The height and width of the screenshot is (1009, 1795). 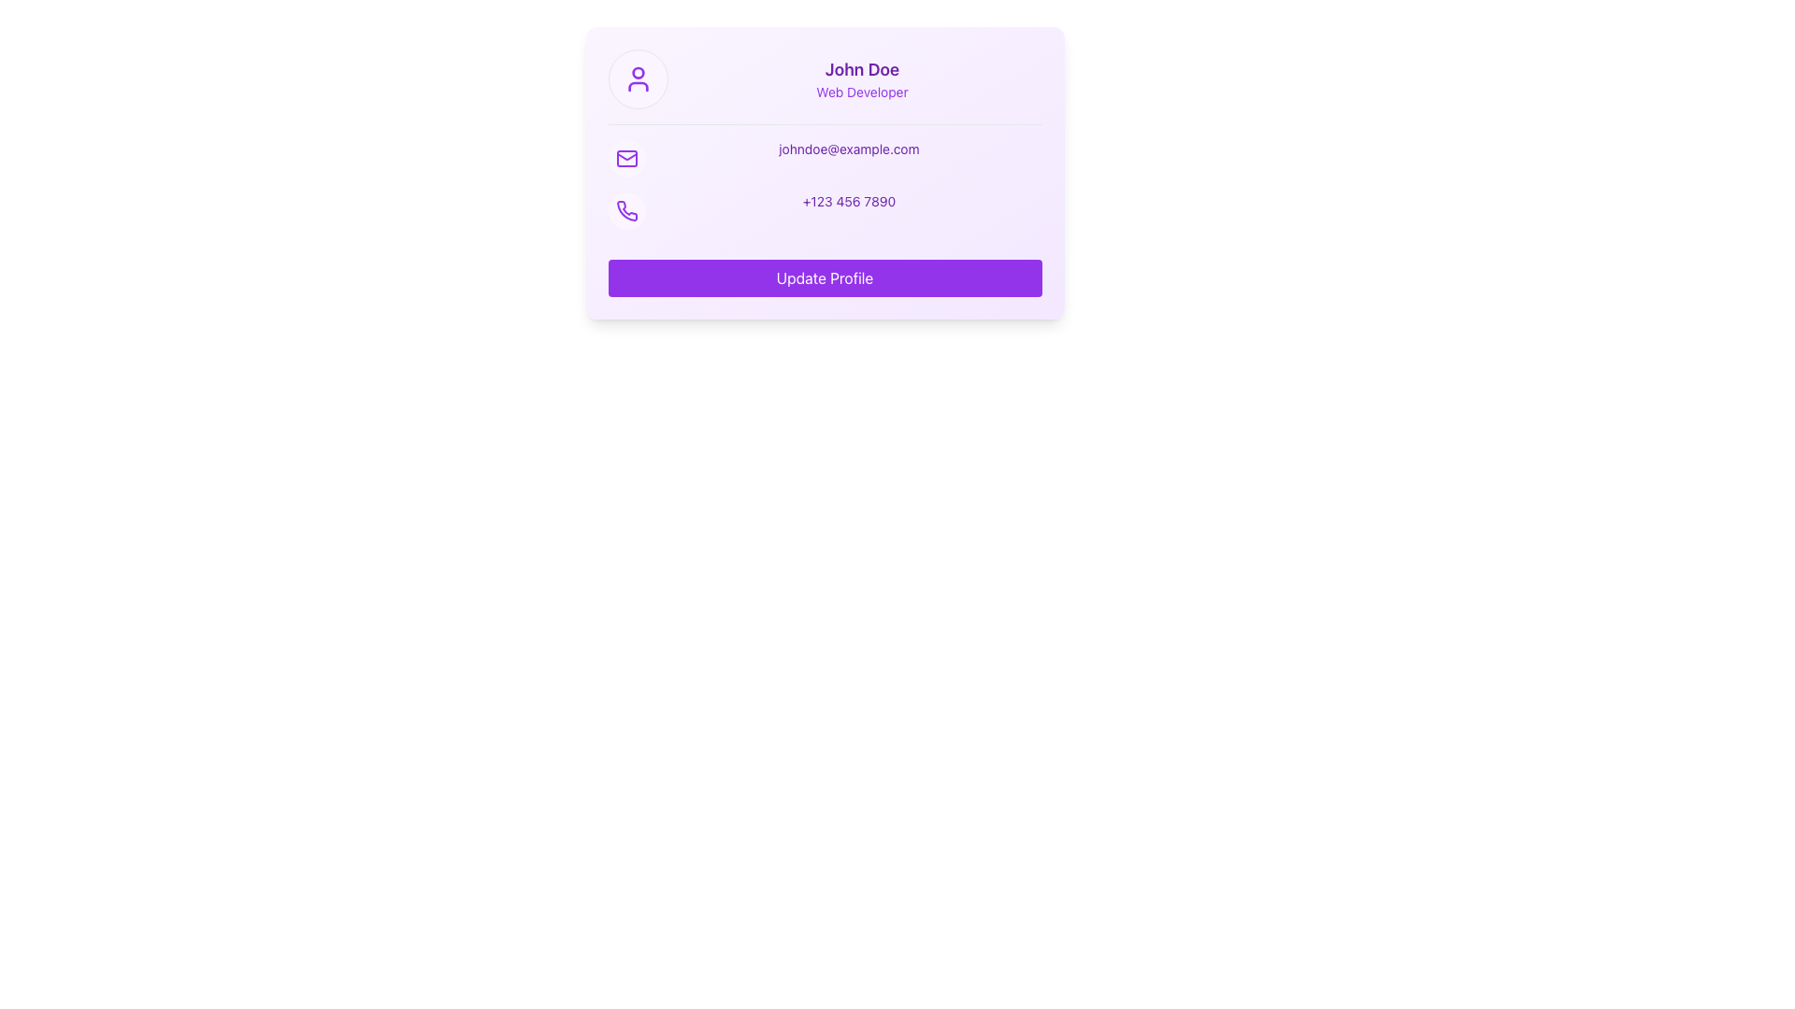 I want to click on the contact icon with a circular purple background located in the contact information section of the profile card, so click(x=626, y=210).